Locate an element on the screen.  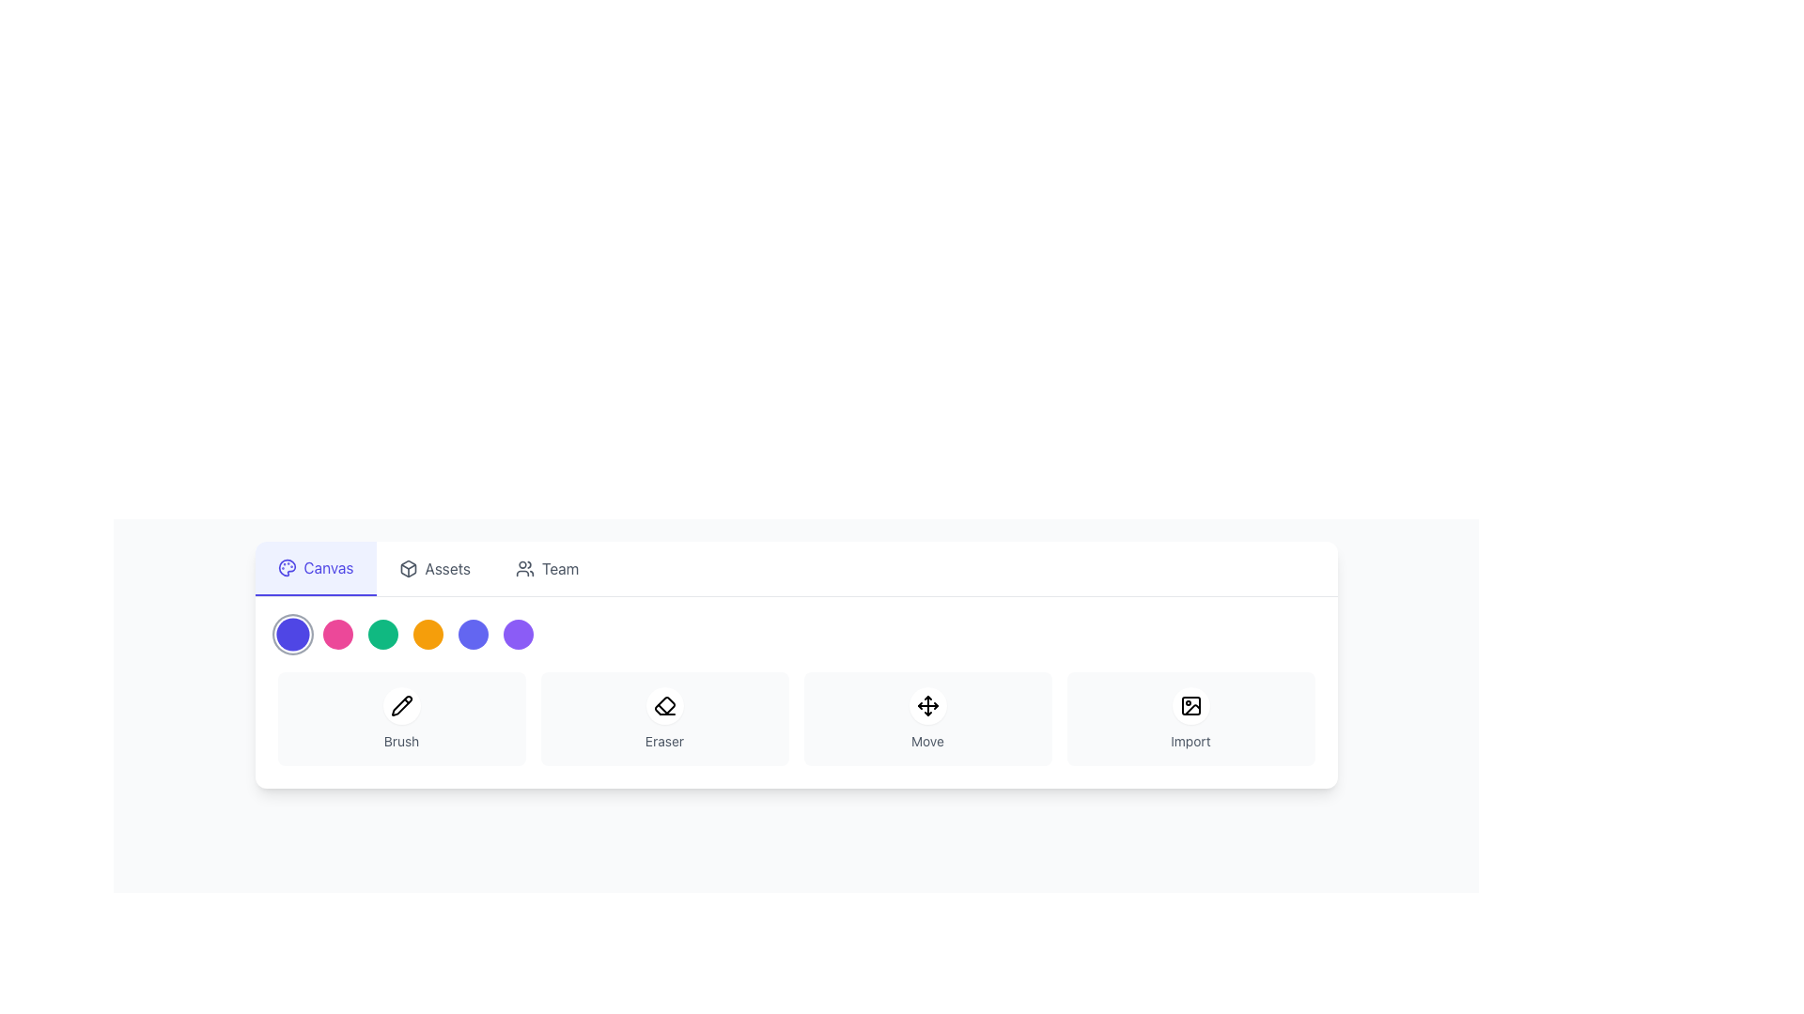
the text label reading 'Move', which is part of a tile on the bottom row of the interface, indicating secondary emphasis with its smaller gray font is located at coordinates (927, 741).